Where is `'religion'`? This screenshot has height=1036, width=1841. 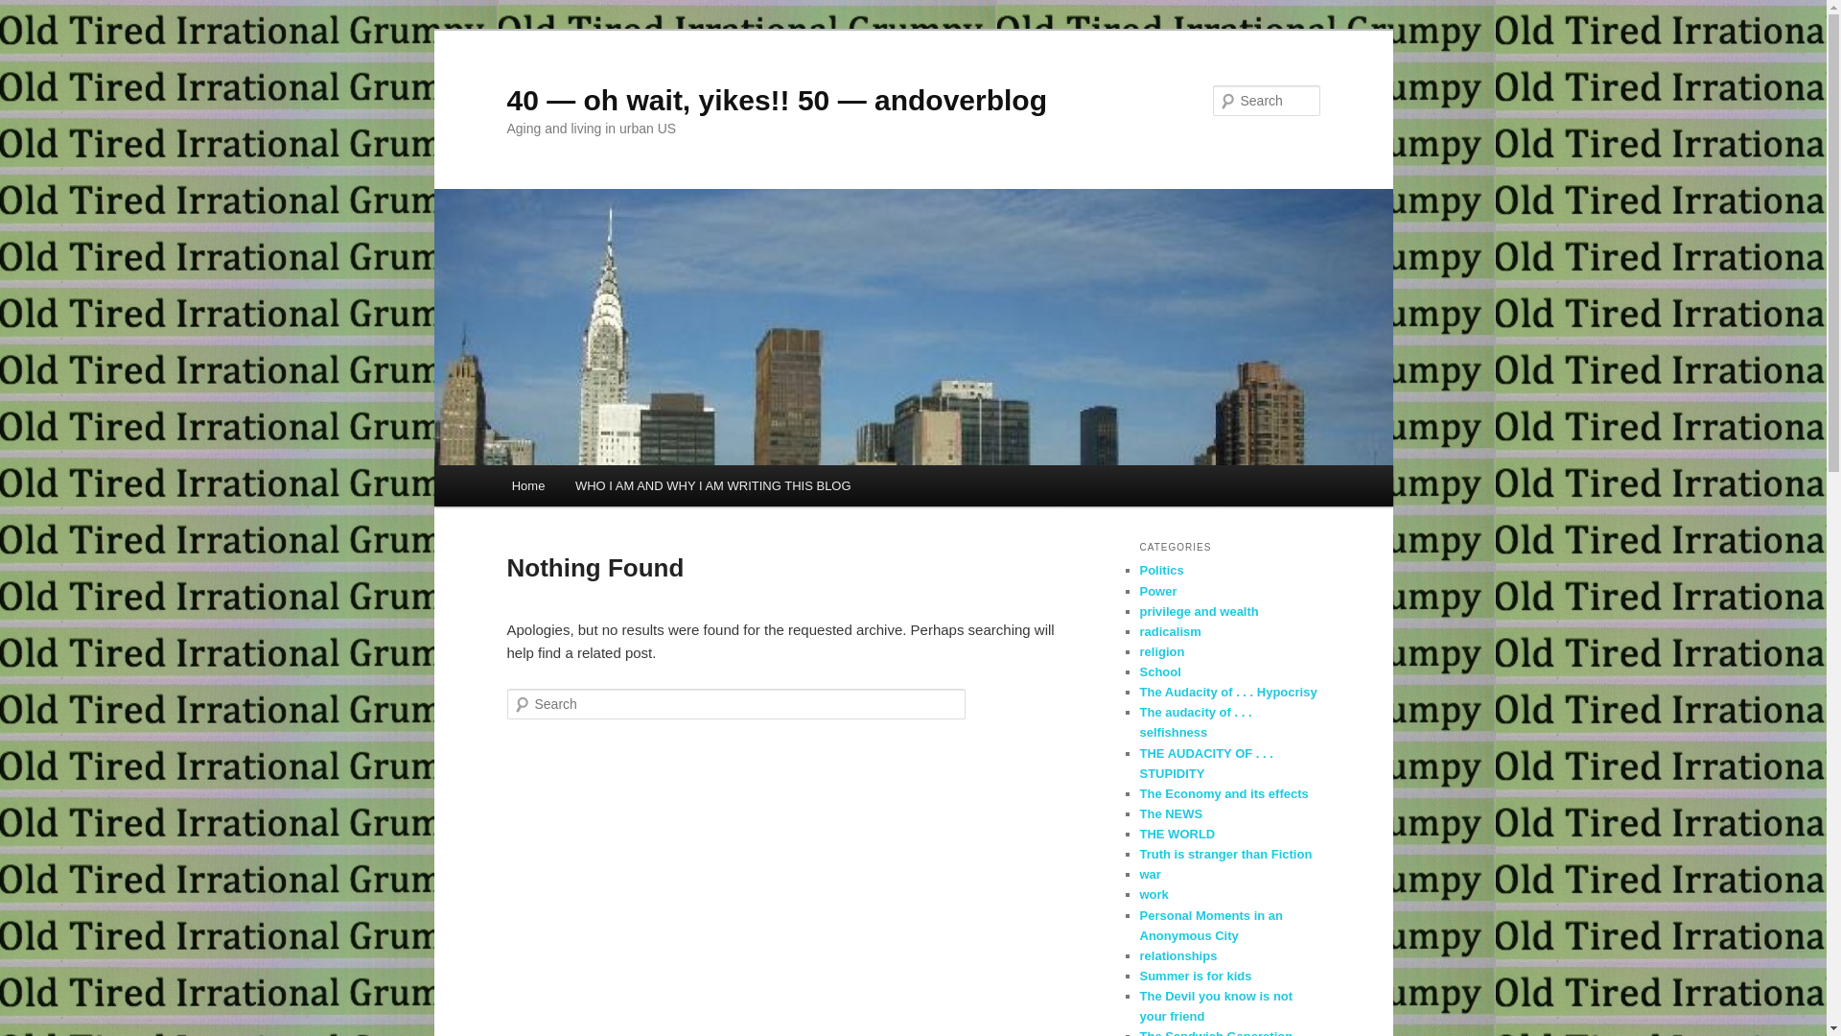 'religion' is located at coordinates (1160, 650).